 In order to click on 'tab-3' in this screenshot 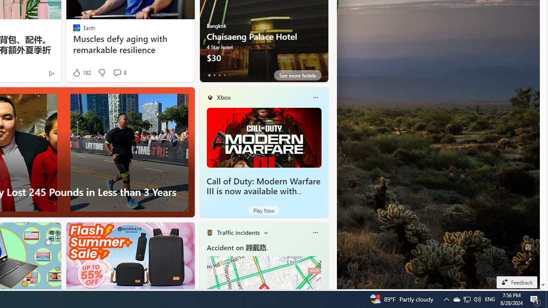, I will do `click(224, 75)`.